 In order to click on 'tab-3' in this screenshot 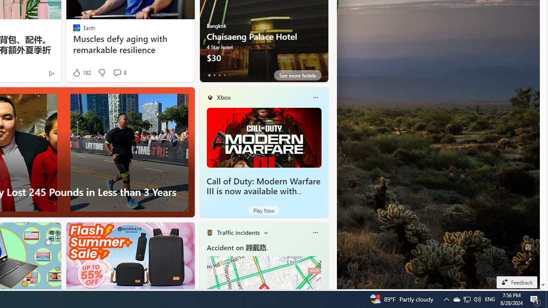, I will do `click(224, 75)`.